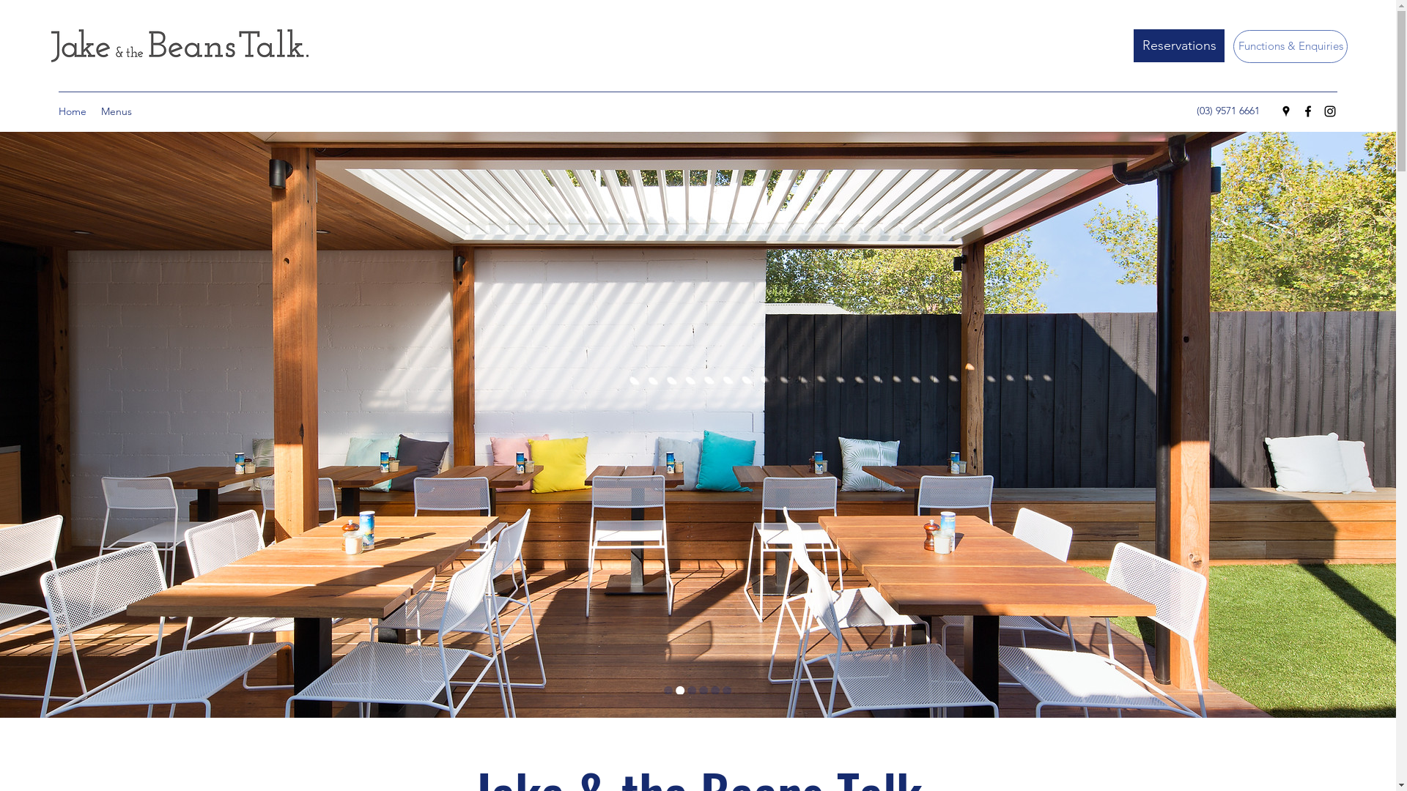 This screenshot has width=1407, height=791. Describe the element at coordinates (1290, 45) in the screenshot. I see `'Functions & Enquiries'` at that location.